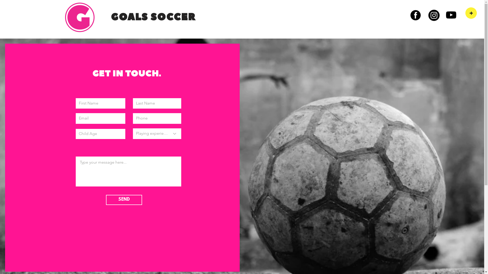 This screenshot has height=274, width=488. Describe the element at coordinates (416, 15) in the screenshot. I see `'Facebook'` at that location.